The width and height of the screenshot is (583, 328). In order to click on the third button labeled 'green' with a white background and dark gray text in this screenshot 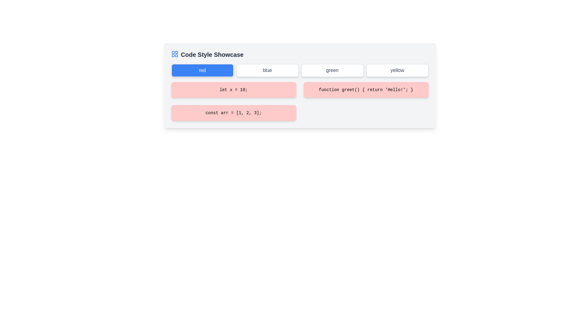, I will do `click(332, 70)`.